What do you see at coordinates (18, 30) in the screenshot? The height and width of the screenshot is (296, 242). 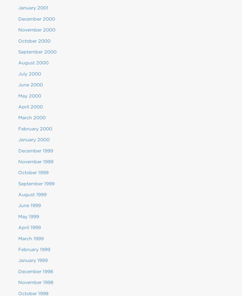 I see `'November 2000'` at bounding box center [18, 30].